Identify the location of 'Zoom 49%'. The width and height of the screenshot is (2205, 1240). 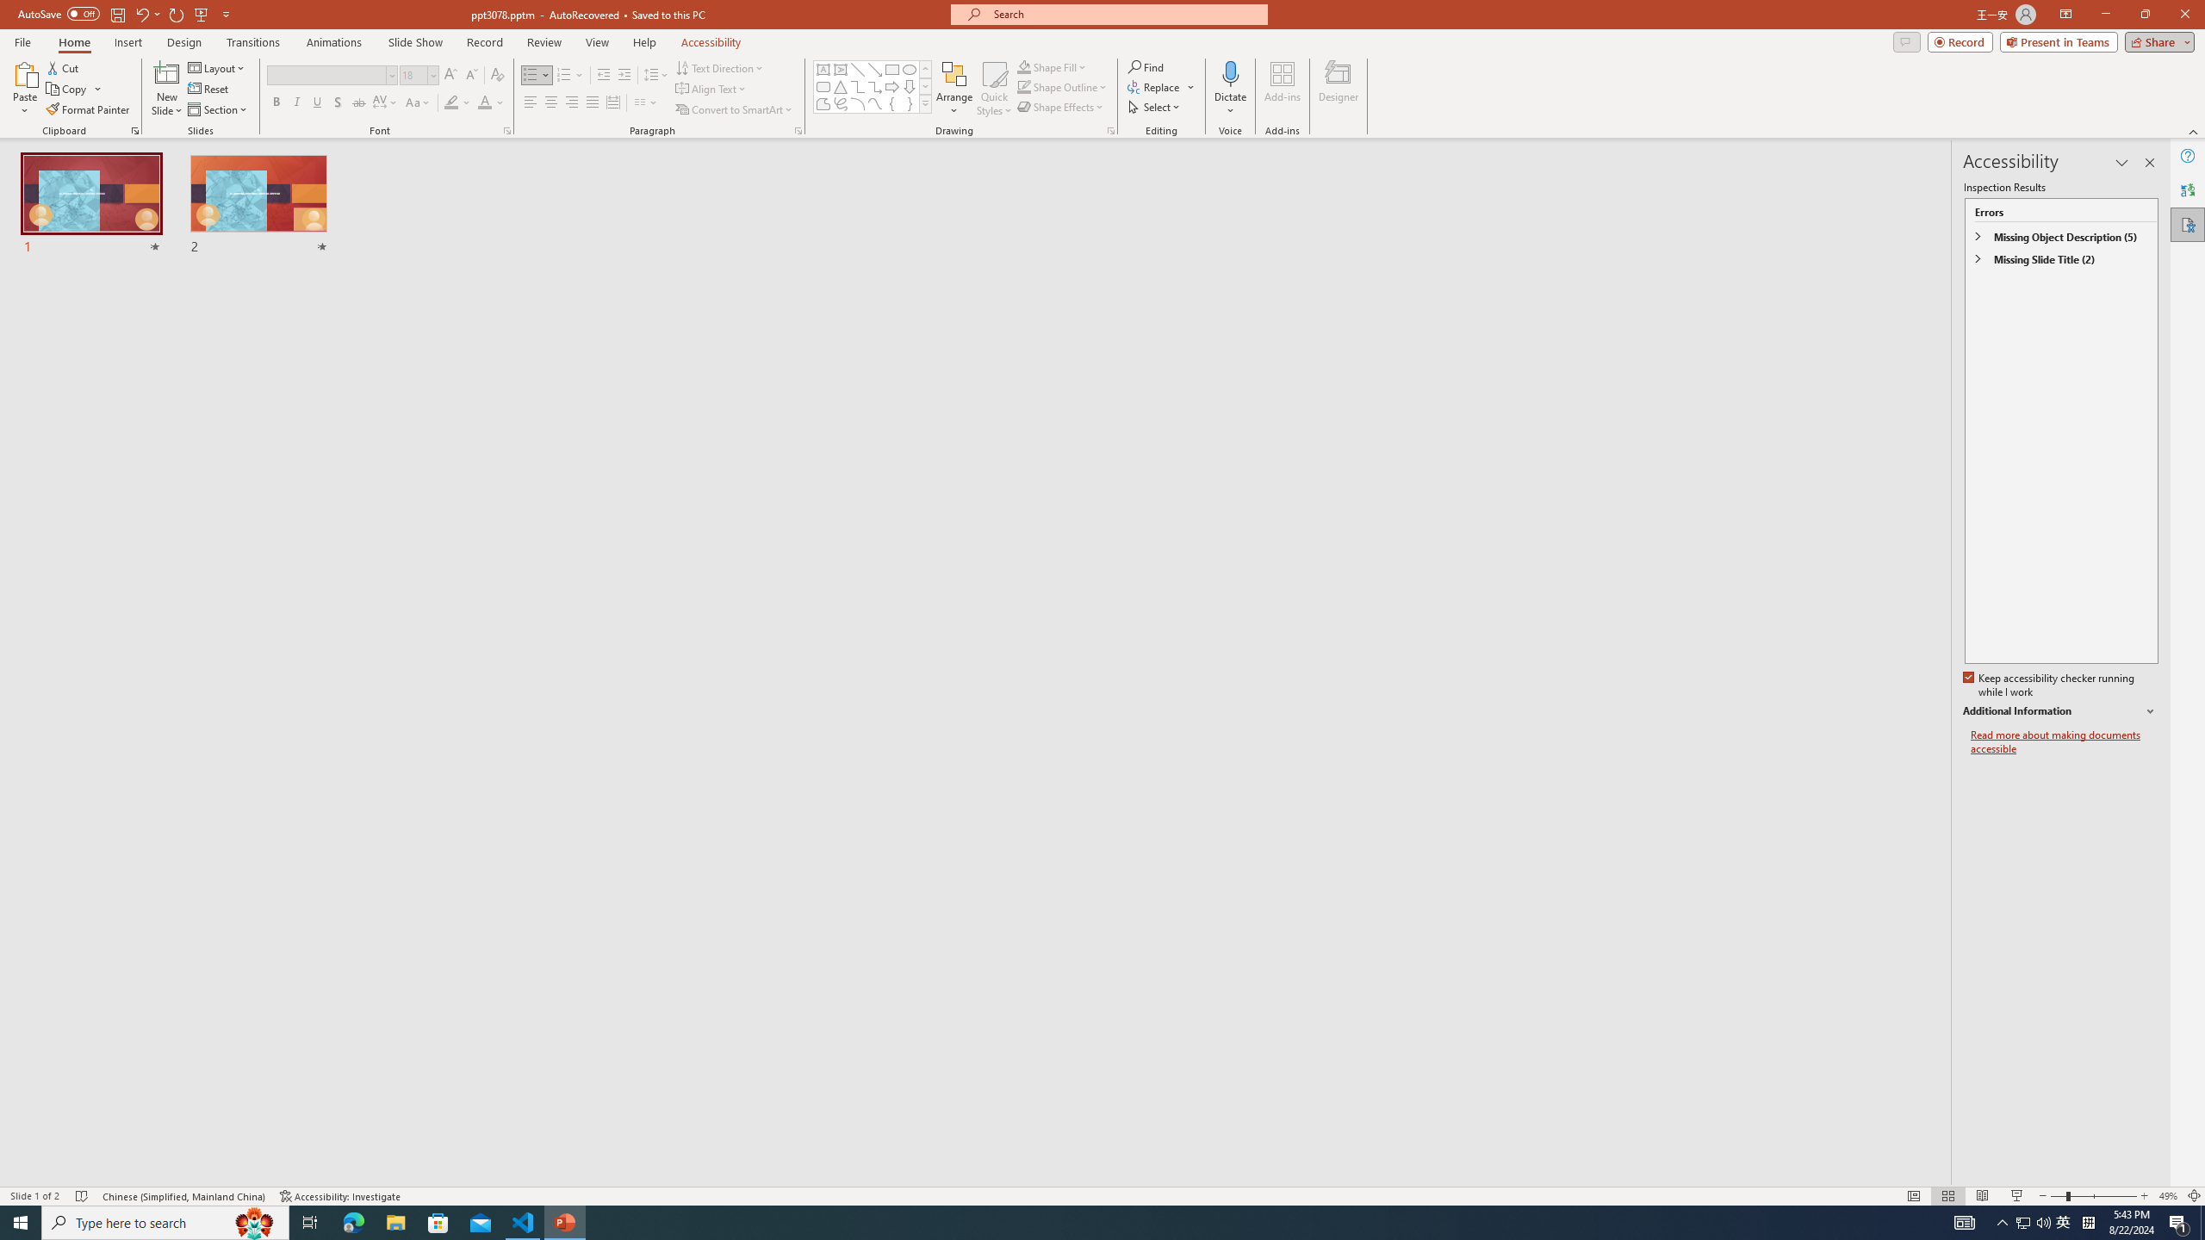
(2167, 1196).